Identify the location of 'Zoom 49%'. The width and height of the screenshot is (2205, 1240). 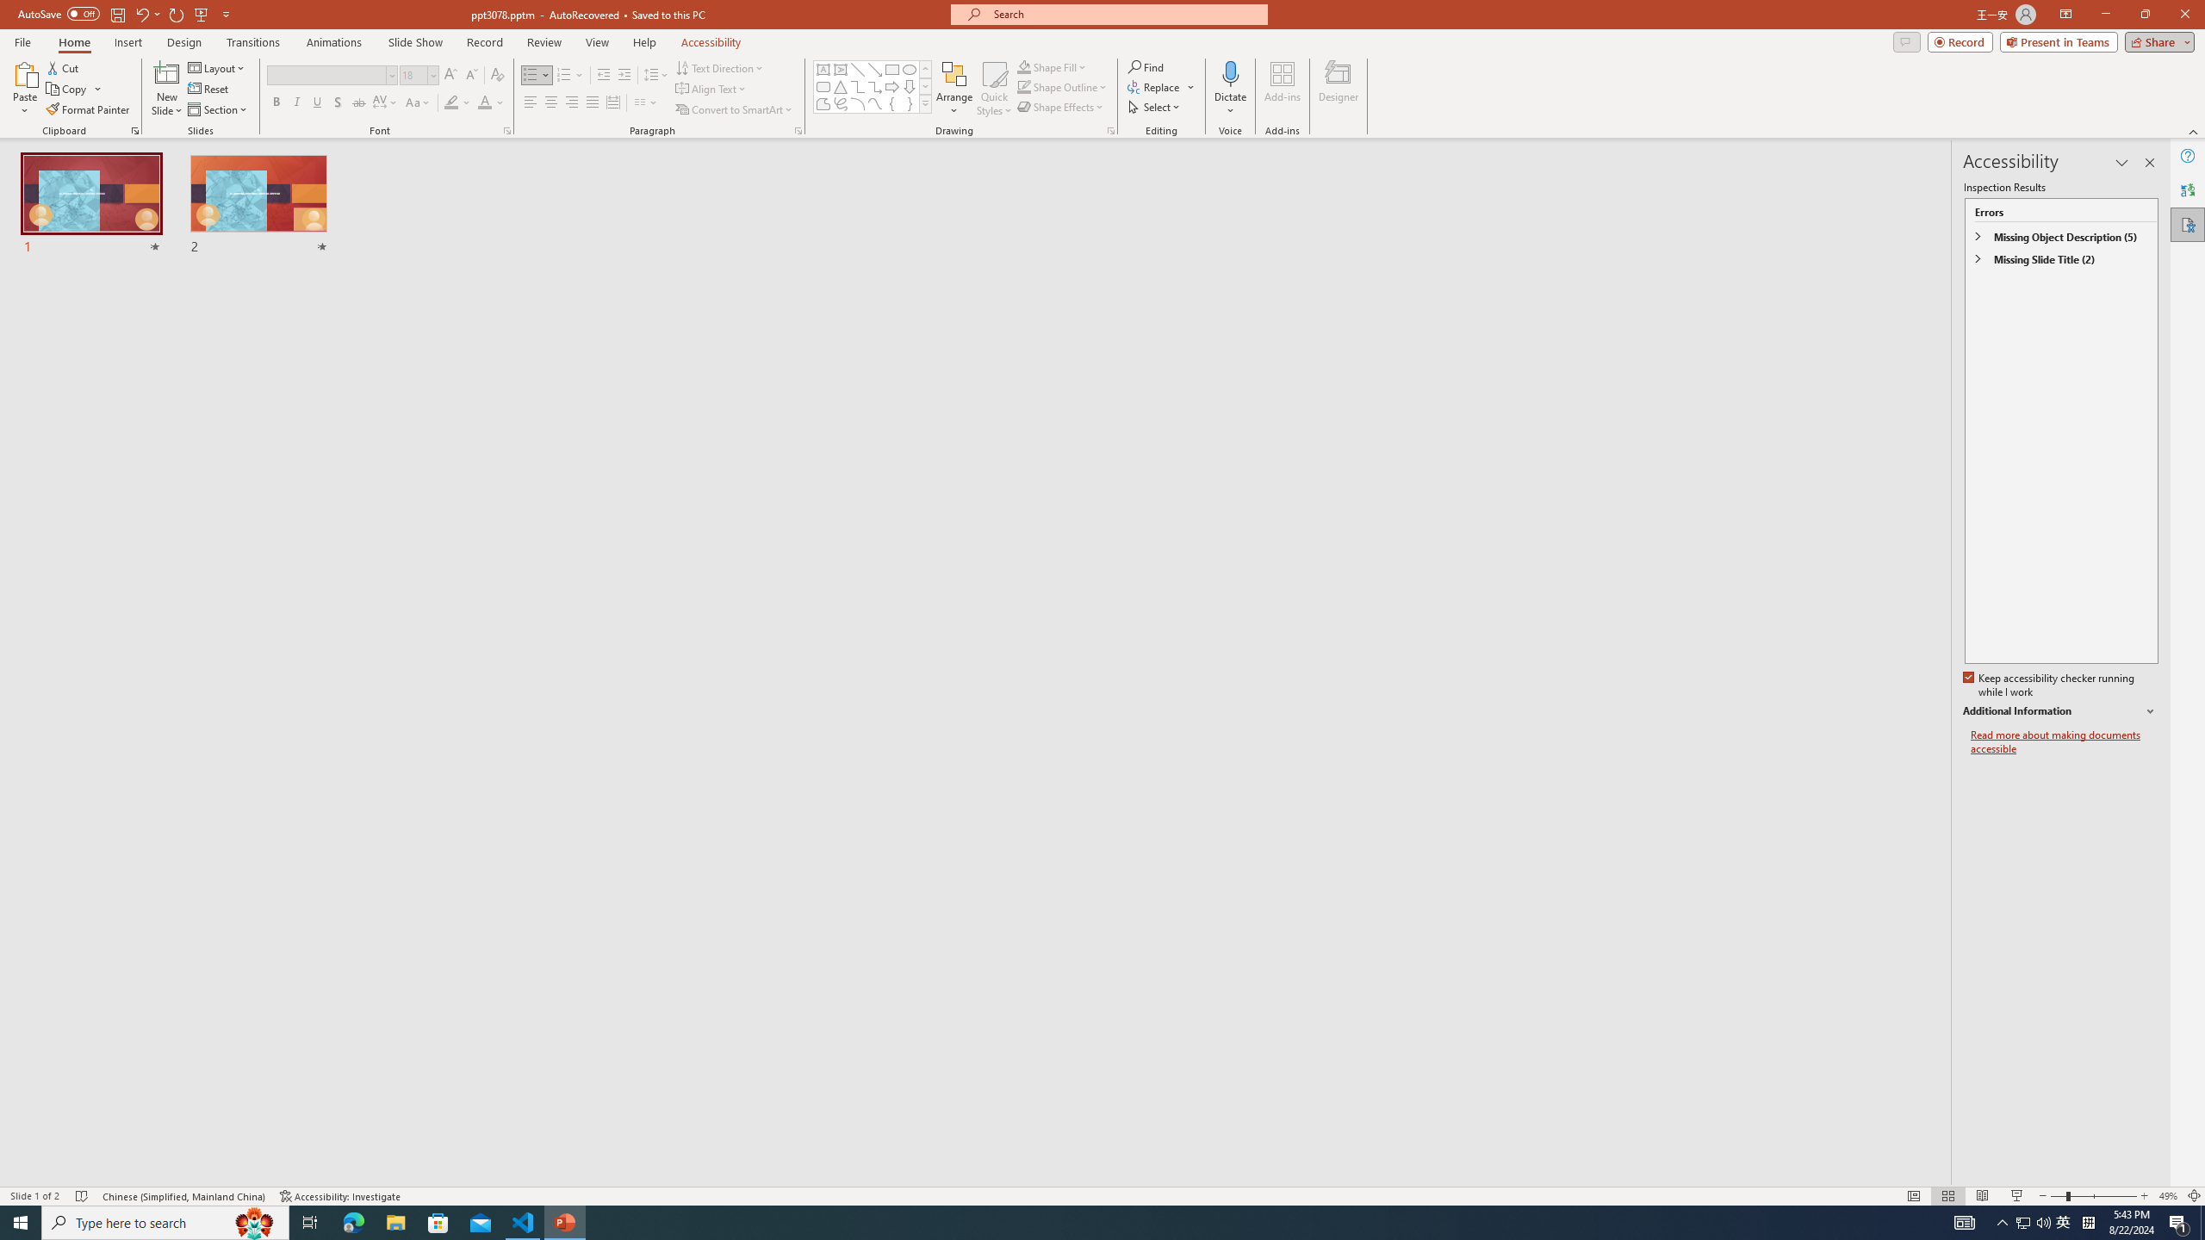
(2167, 1196).